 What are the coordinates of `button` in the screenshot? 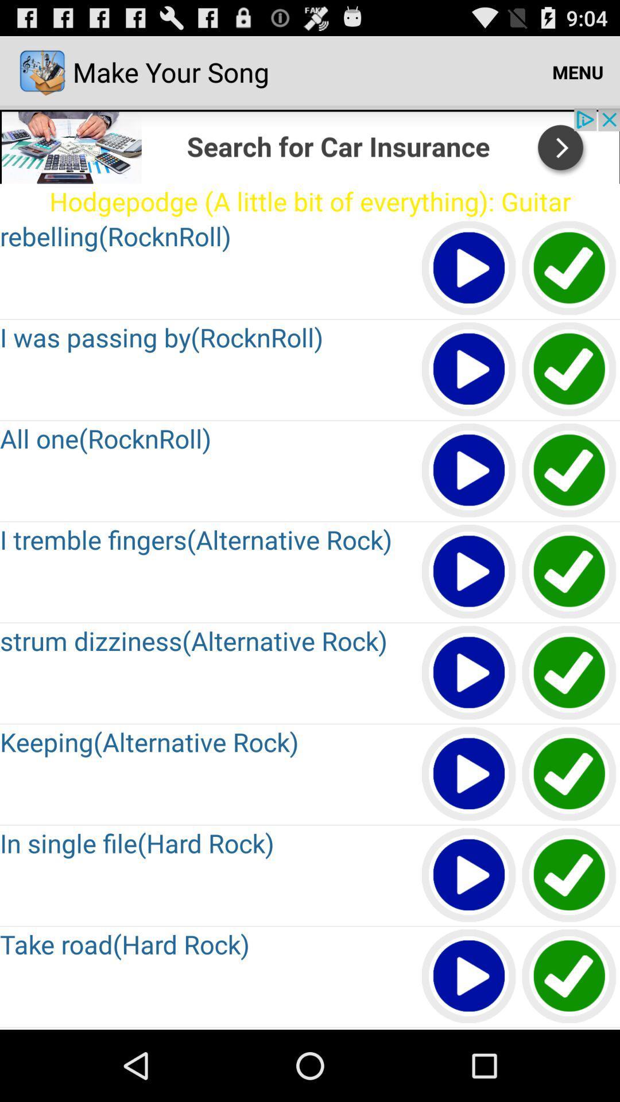 It's located at (469, 976).